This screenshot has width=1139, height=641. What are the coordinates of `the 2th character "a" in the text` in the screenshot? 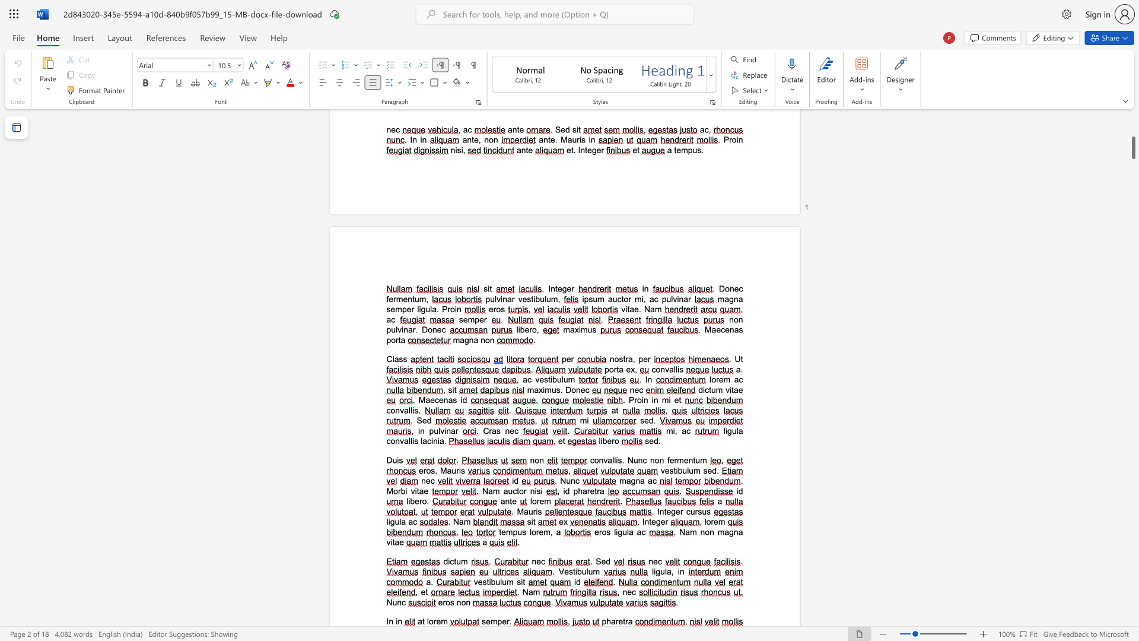 It's located at (629, 621).